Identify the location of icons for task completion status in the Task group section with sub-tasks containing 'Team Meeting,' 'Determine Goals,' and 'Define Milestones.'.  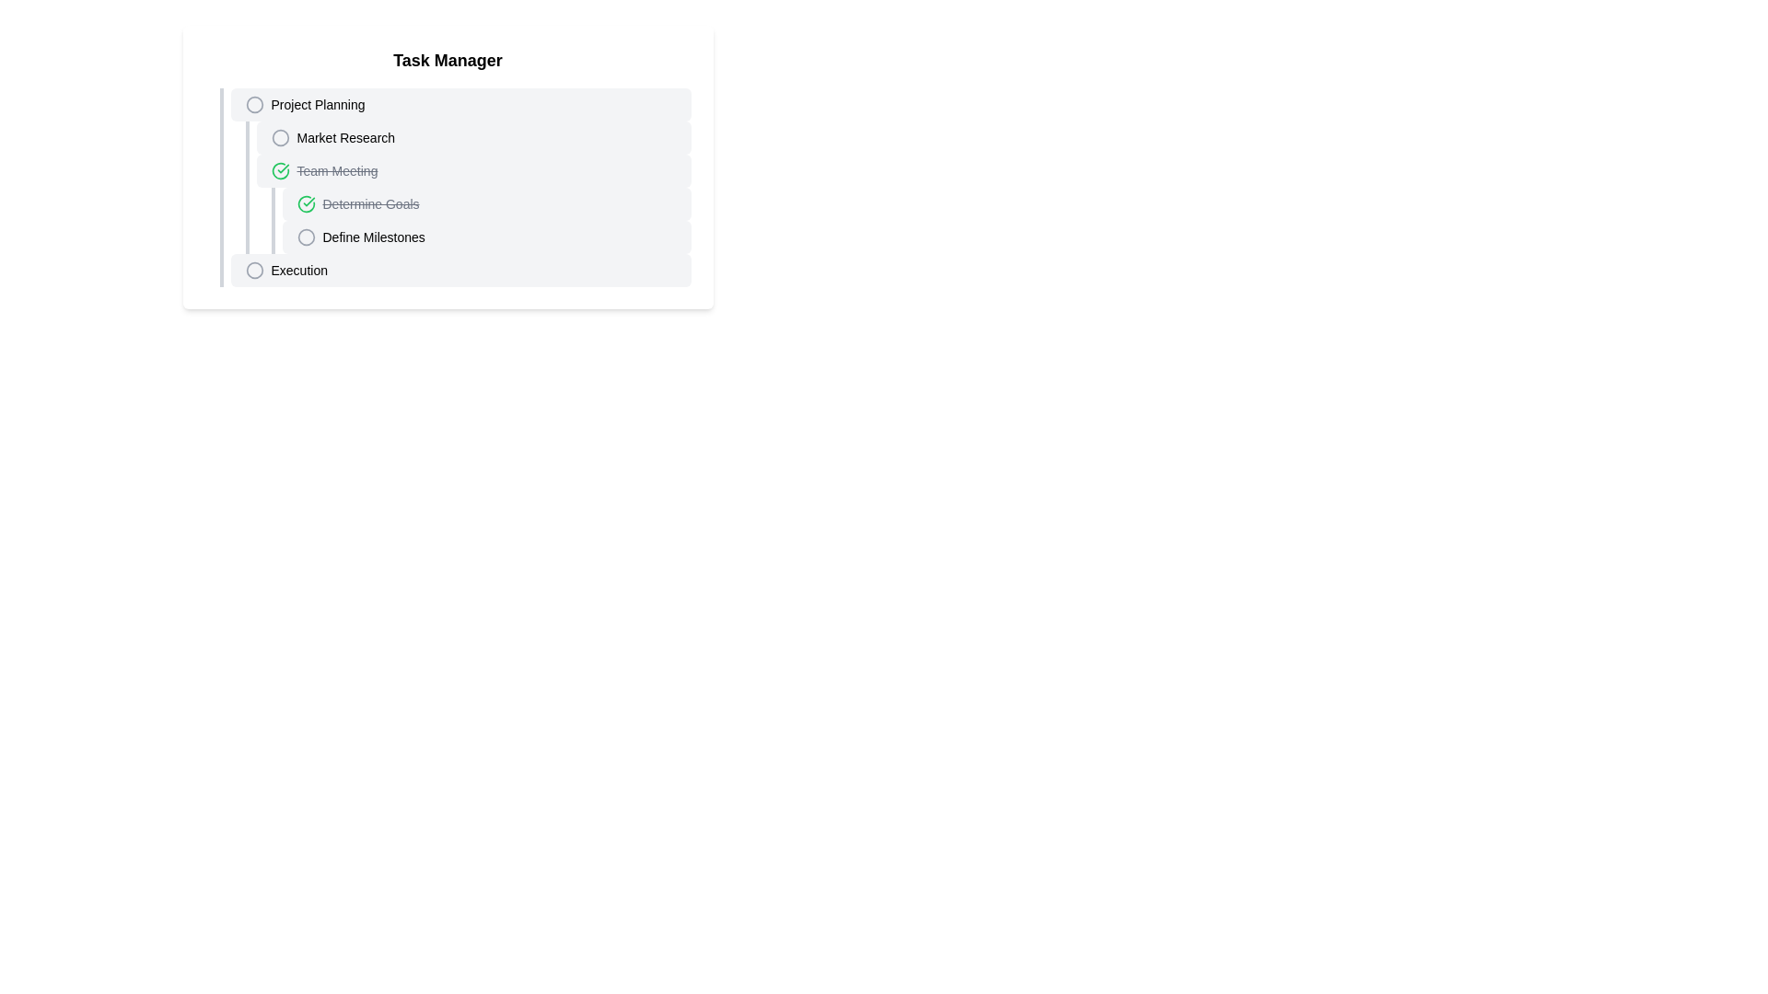
(468, 204).